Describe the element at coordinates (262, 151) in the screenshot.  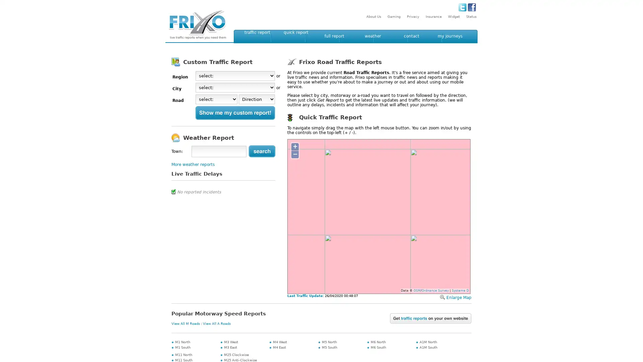
I see `Submit` at that location.